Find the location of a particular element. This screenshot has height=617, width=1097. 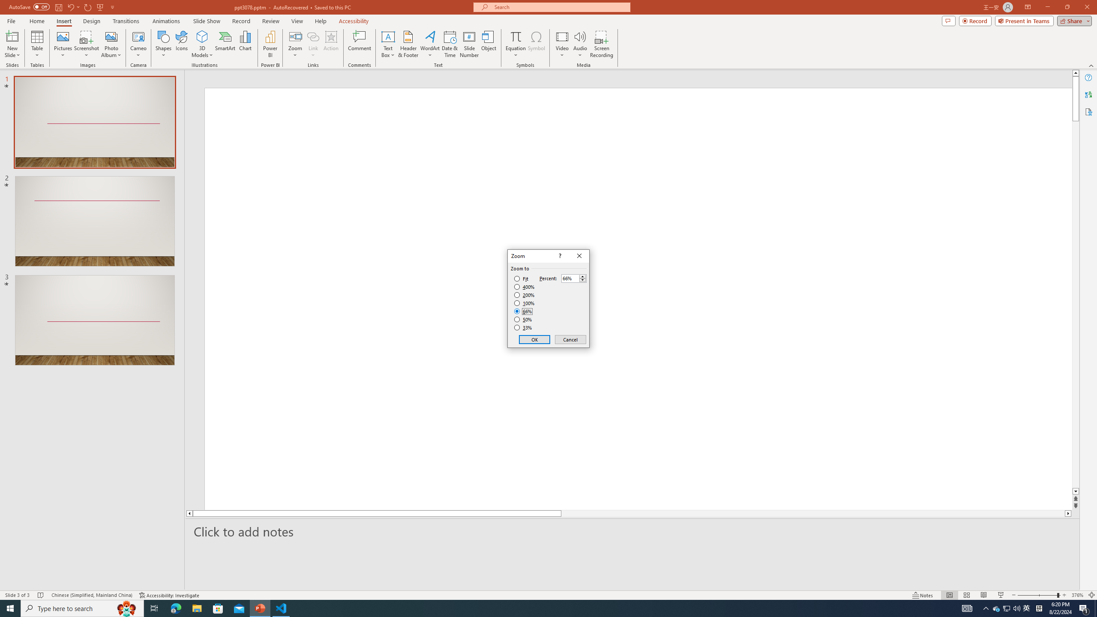

'Screen Recording...' is located at coordinates (601, 44).